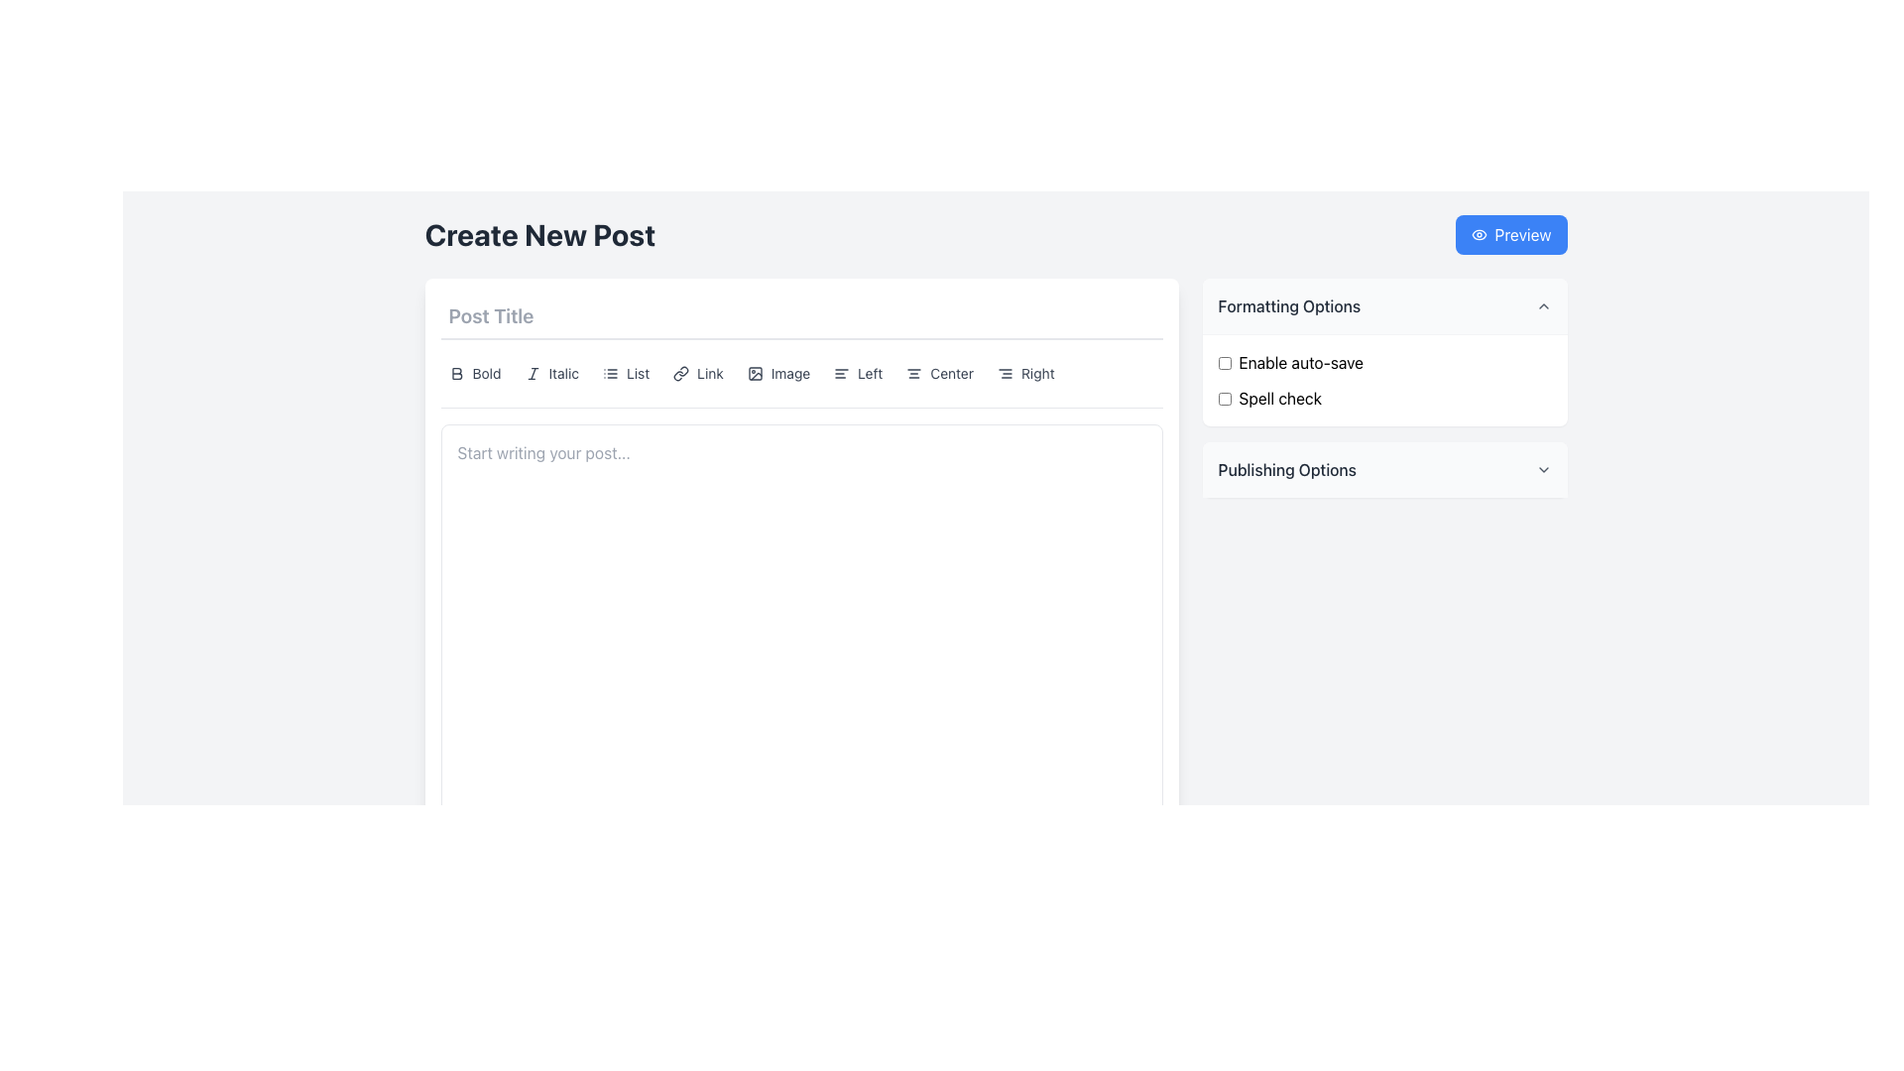 Image resolution: width=1904 pixels, height=1071 pixels. I want to click on the 'List' formatting button located in the toolbar under the 'Post Title' heading, so click(625, 374).